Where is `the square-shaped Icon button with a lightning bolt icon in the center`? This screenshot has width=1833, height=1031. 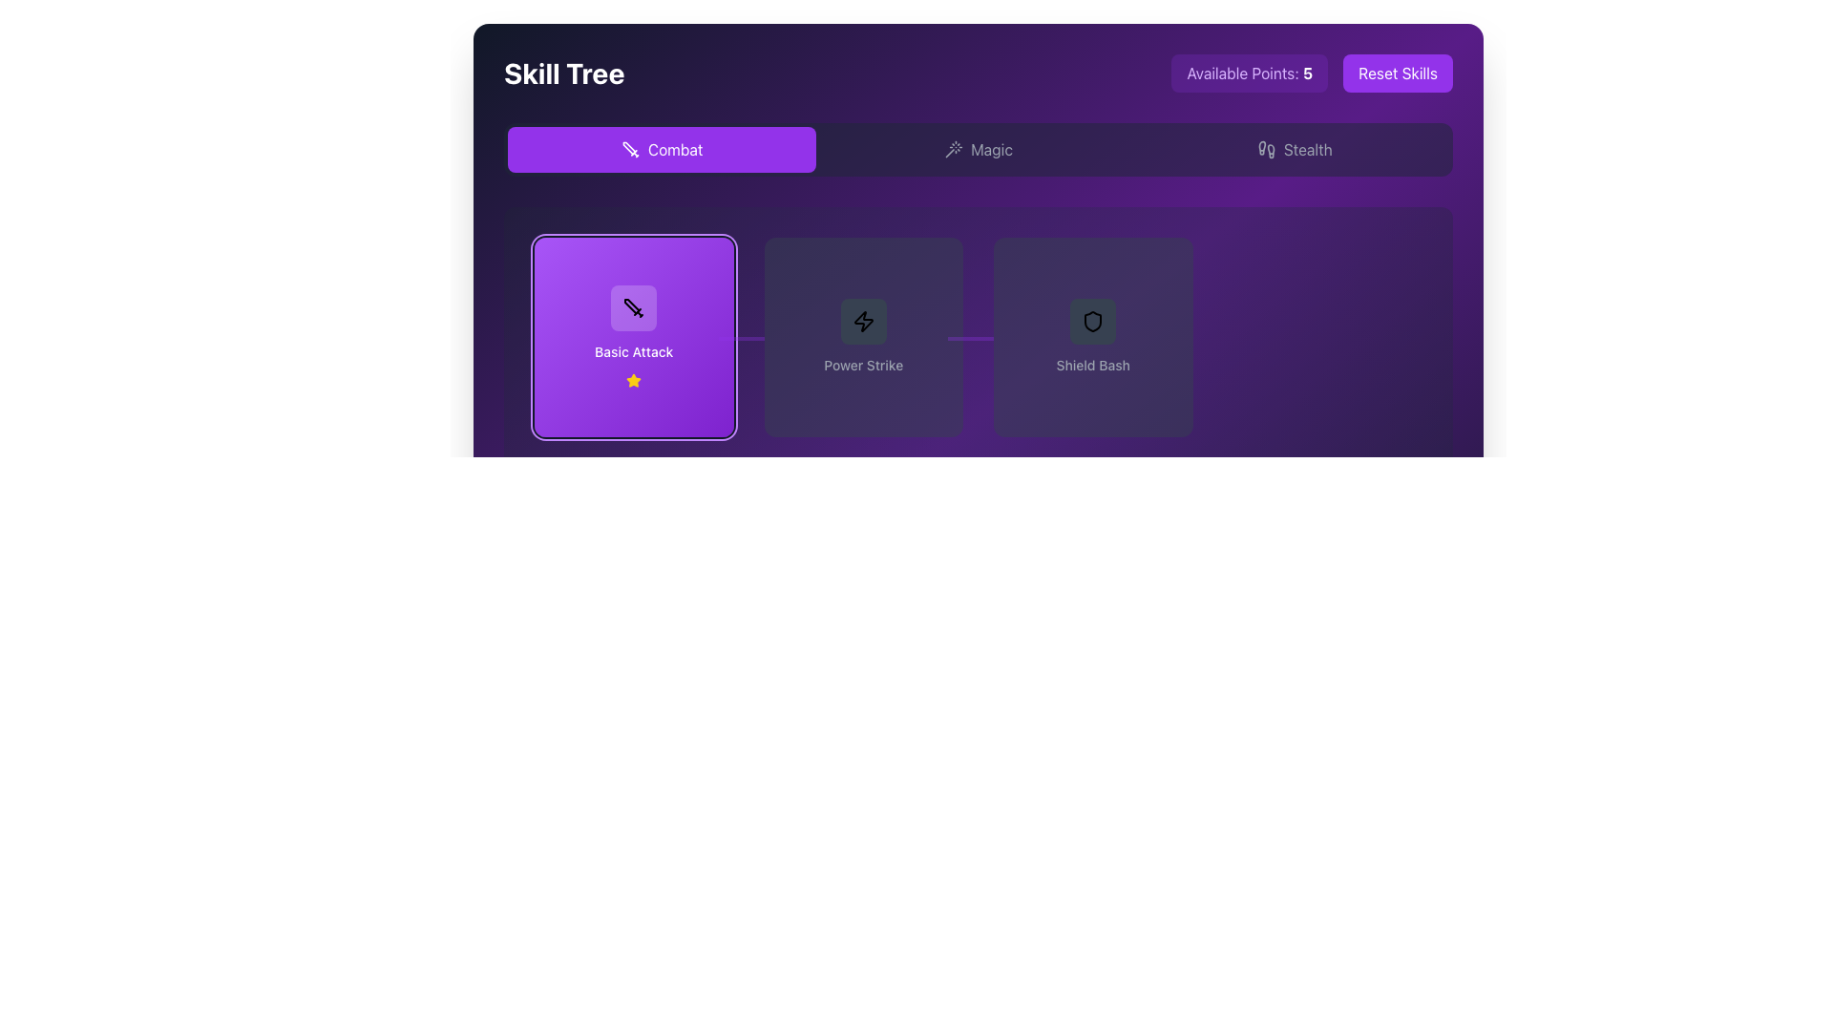 the square-shaped Icon button with a lightning bolt icon in the center is located at coordinates (862, 321).